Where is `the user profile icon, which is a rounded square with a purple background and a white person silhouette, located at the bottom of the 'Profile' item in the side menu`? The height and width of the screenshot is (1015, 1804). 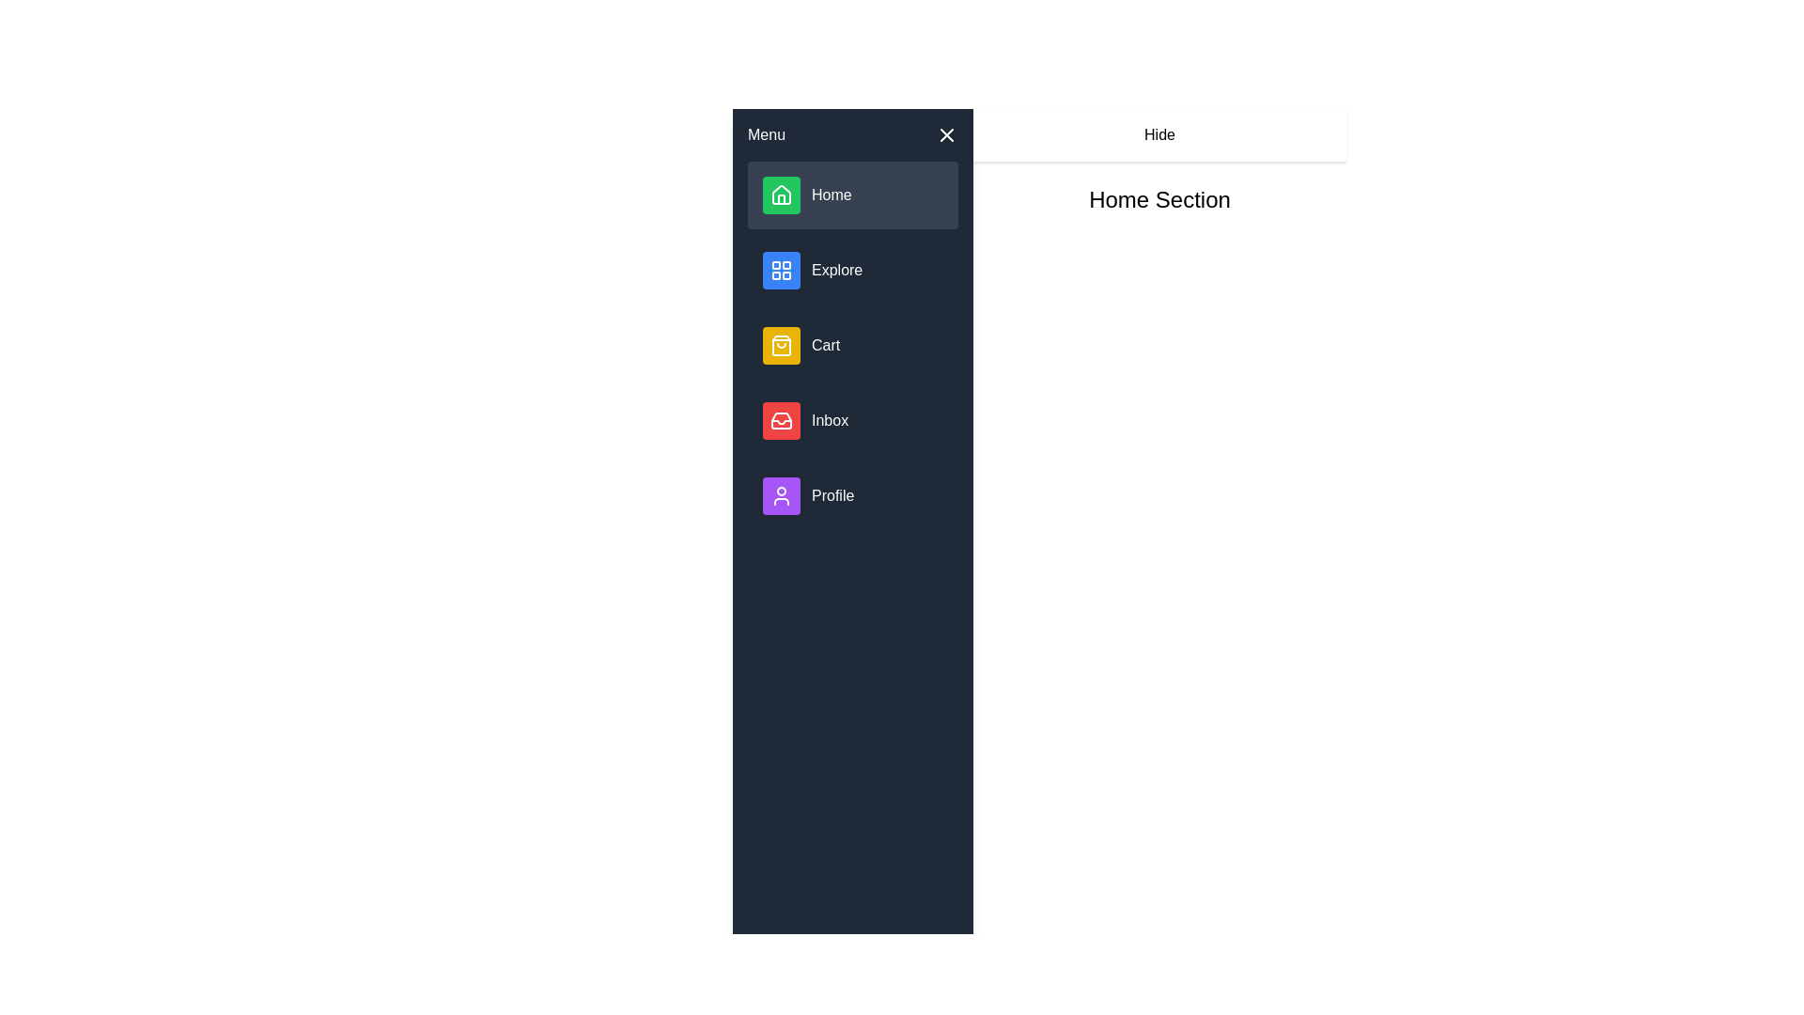 the user profile icon, which is a rounded square with a purple background and a white person silhouette, located at the bottom of the 'Profile' item in the side menu is located at coordinates (781, 495).